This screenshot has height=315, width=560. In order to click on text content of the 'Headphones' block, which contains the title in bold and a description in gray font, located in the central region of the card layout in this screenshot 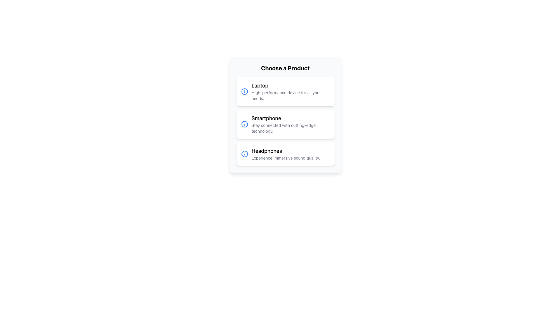, I will do `click(290, 154)`.